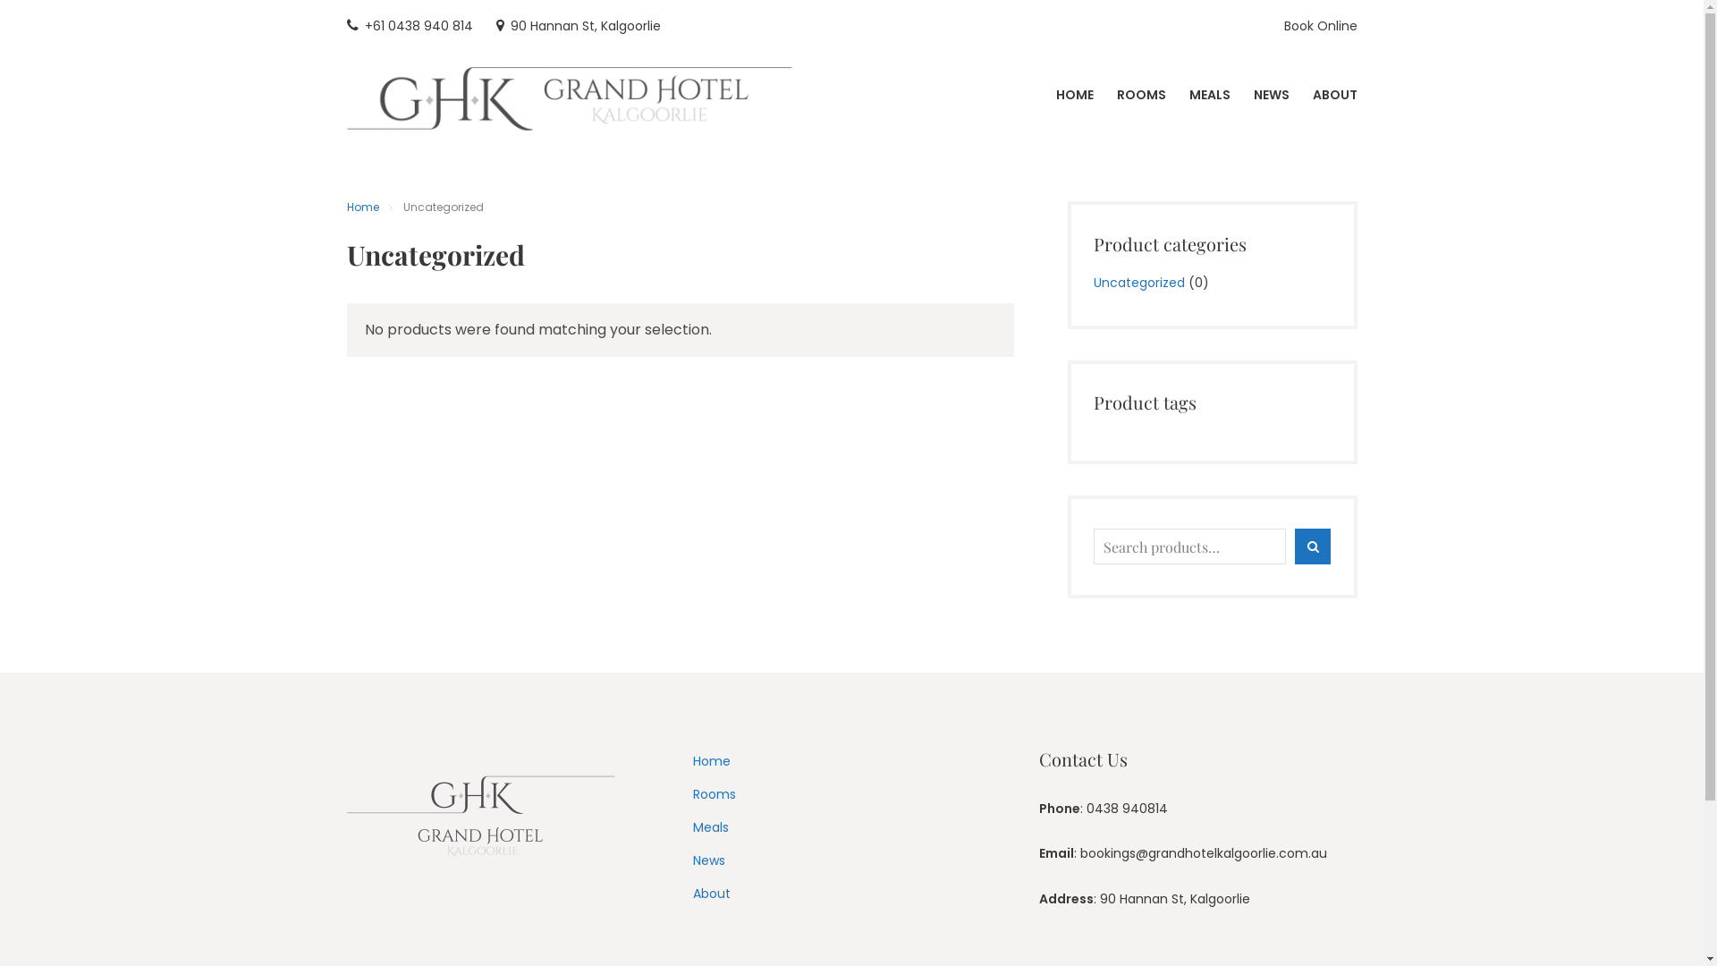  Describe the element at coordinates (710, 827) in the screenshot. I see `'Meals'` at that location.